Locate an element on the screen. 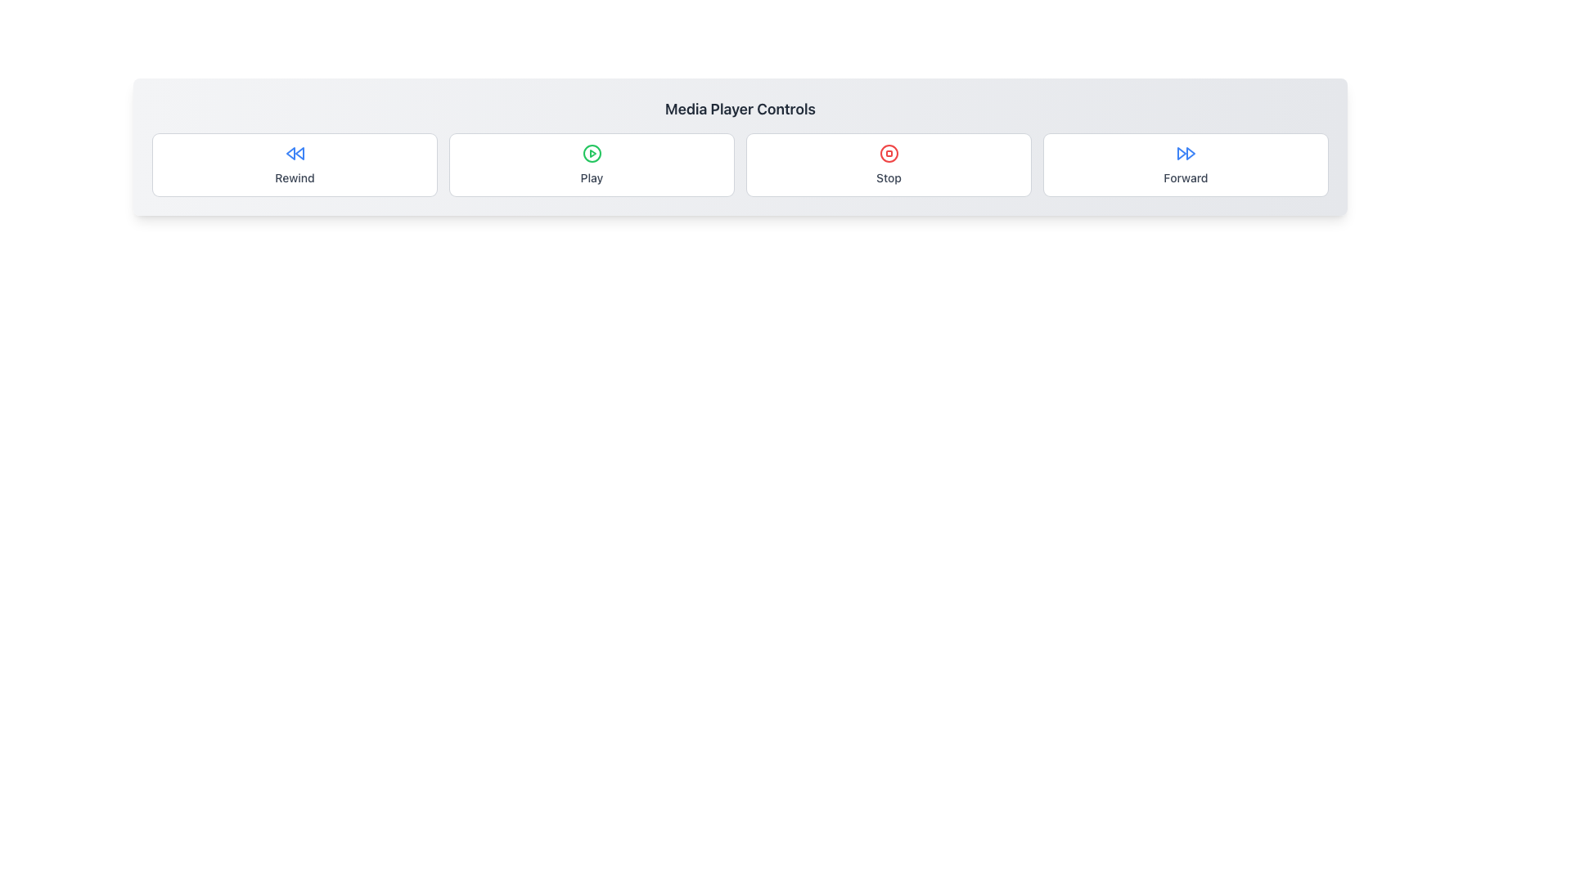 This screenshot has width=1571, height=883. the 'Play' text label element, which is displayed in gray font below a green circular play icon in a media control panel is located at coordinates (591, 178).